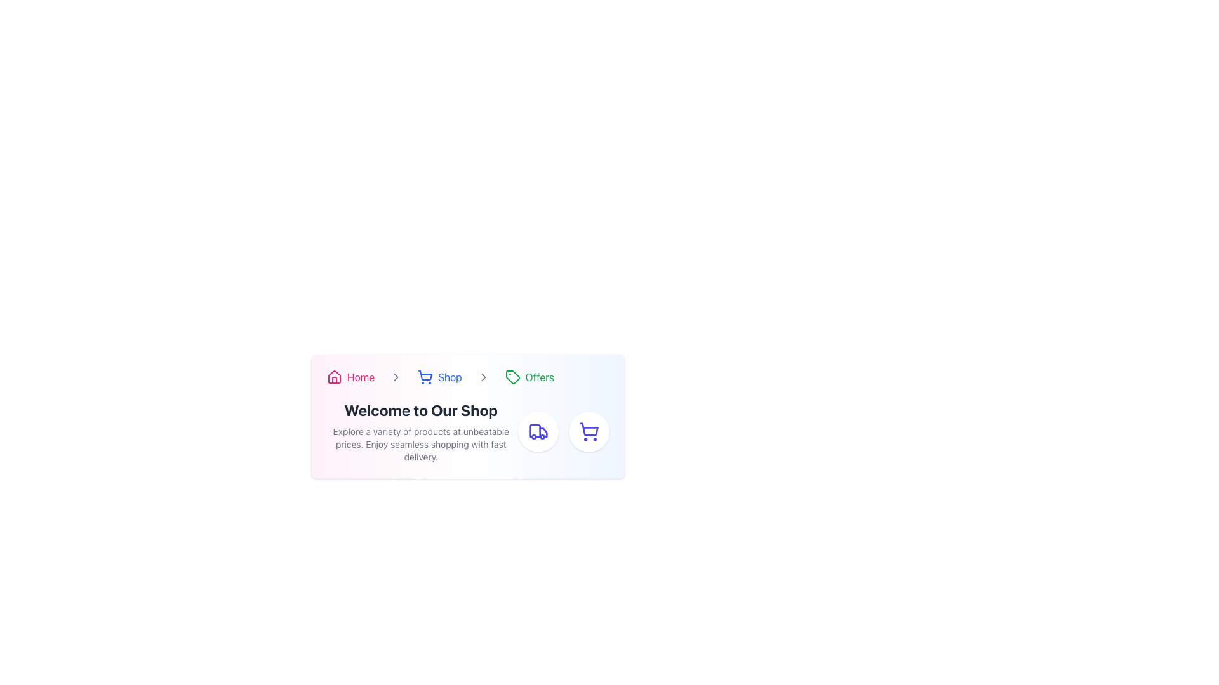 This screenshot has height=685, width=1219. I want to click on the rightward-pointing chevron icon in the breadcrumb navigation bar, so click(483, 376).